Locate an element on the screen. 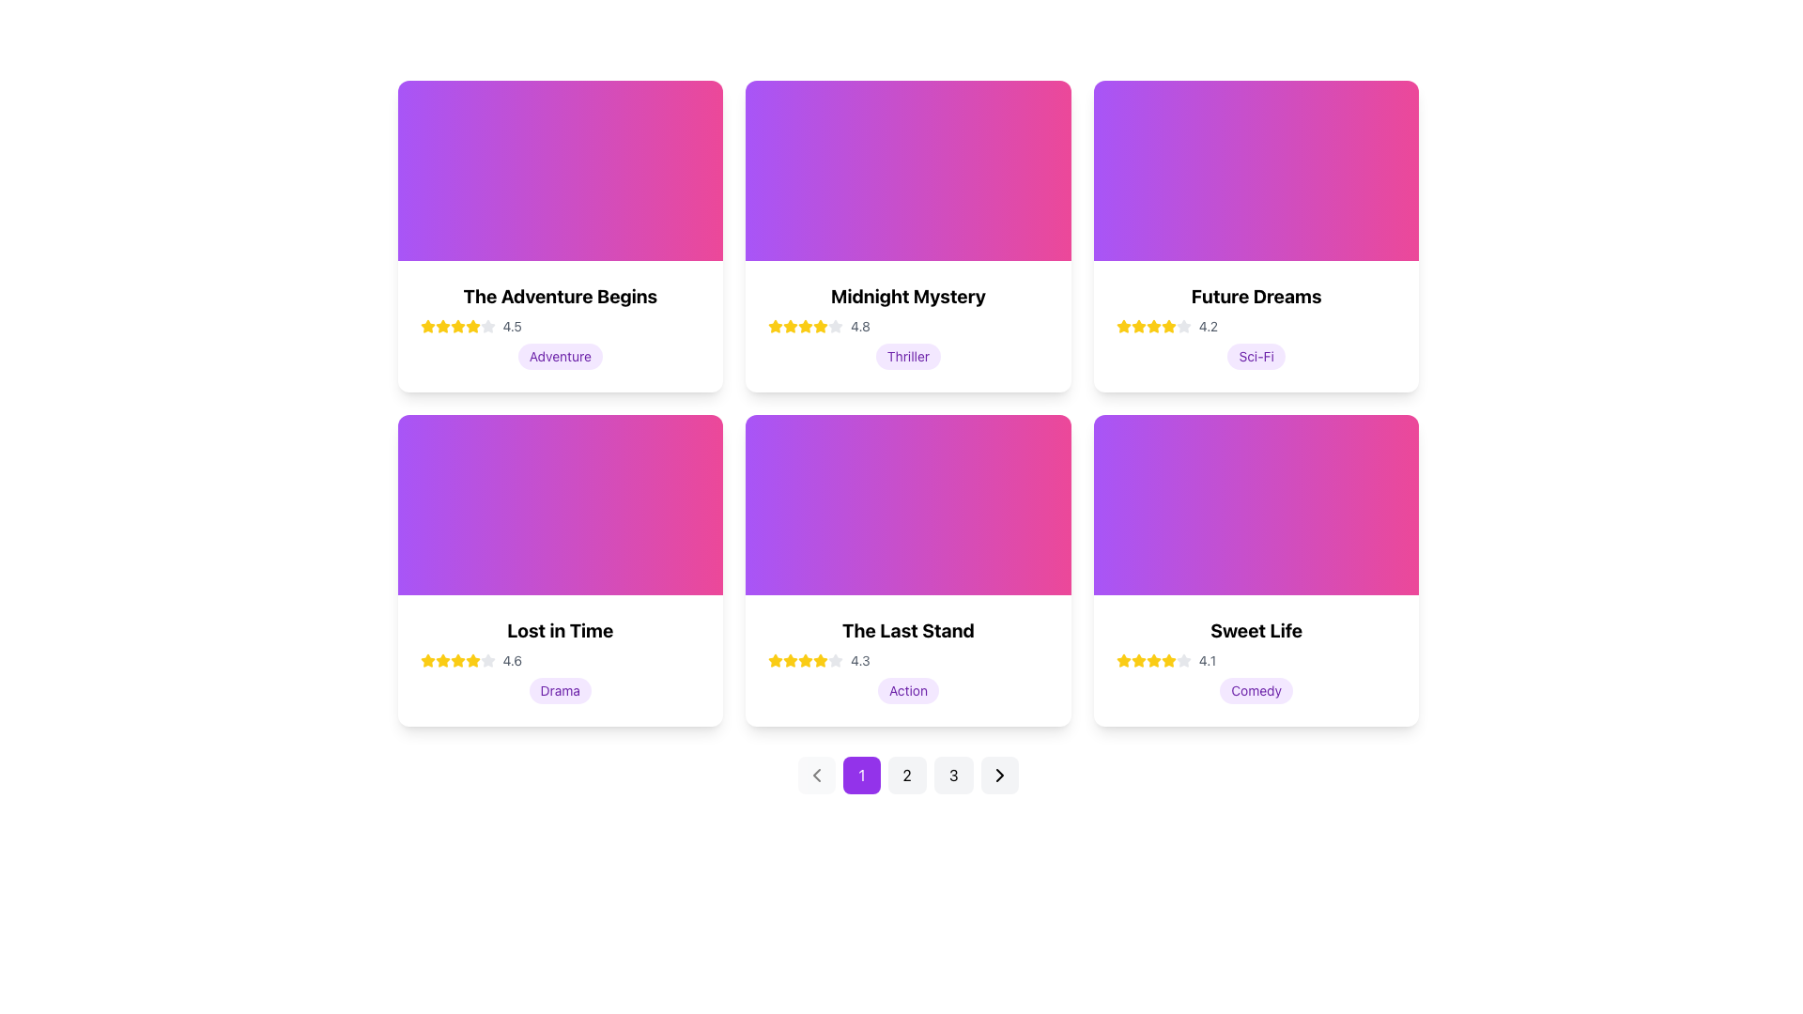 This screenshot has width=1803, height=1014. the third star icon in the rating section for the movie 'Future Dreams' is located at coordinates (1152, 325).